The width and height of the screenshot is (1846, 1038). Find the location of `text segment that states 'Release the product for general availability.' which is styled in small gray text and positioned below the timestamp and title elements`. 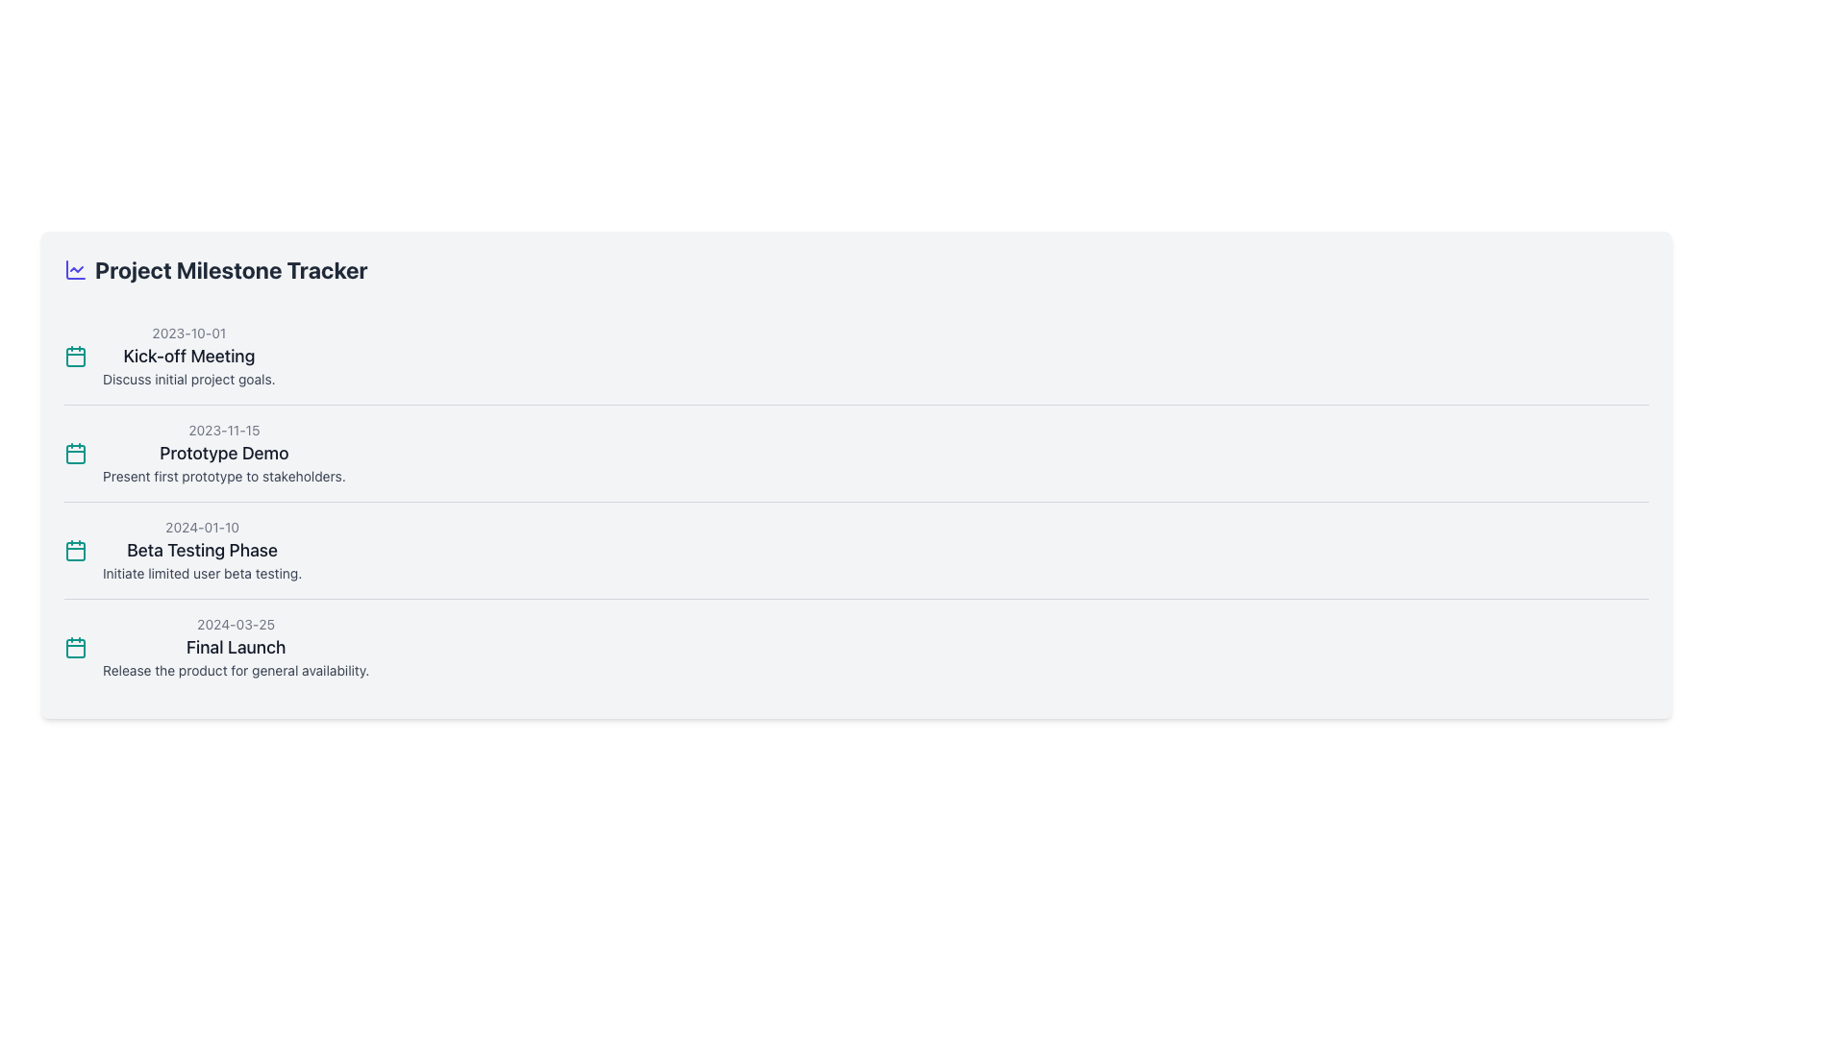

text segment that states 'Release the product for general availability.' which is styled in small gray text and positioned below the timestamp and title elements is located at coordinates (235, 670).